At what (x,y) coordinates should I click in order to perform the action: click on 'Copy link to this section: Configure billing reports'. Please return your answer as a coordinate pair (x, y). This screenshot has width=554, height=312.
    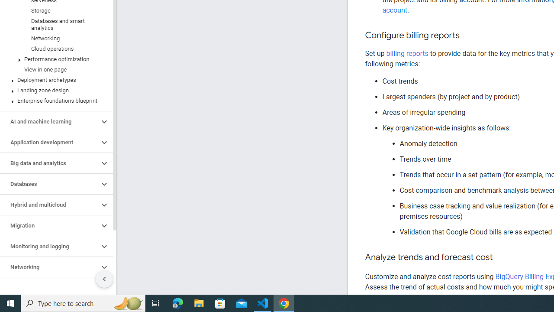
    Looking at the image, I should click on (467, 35).